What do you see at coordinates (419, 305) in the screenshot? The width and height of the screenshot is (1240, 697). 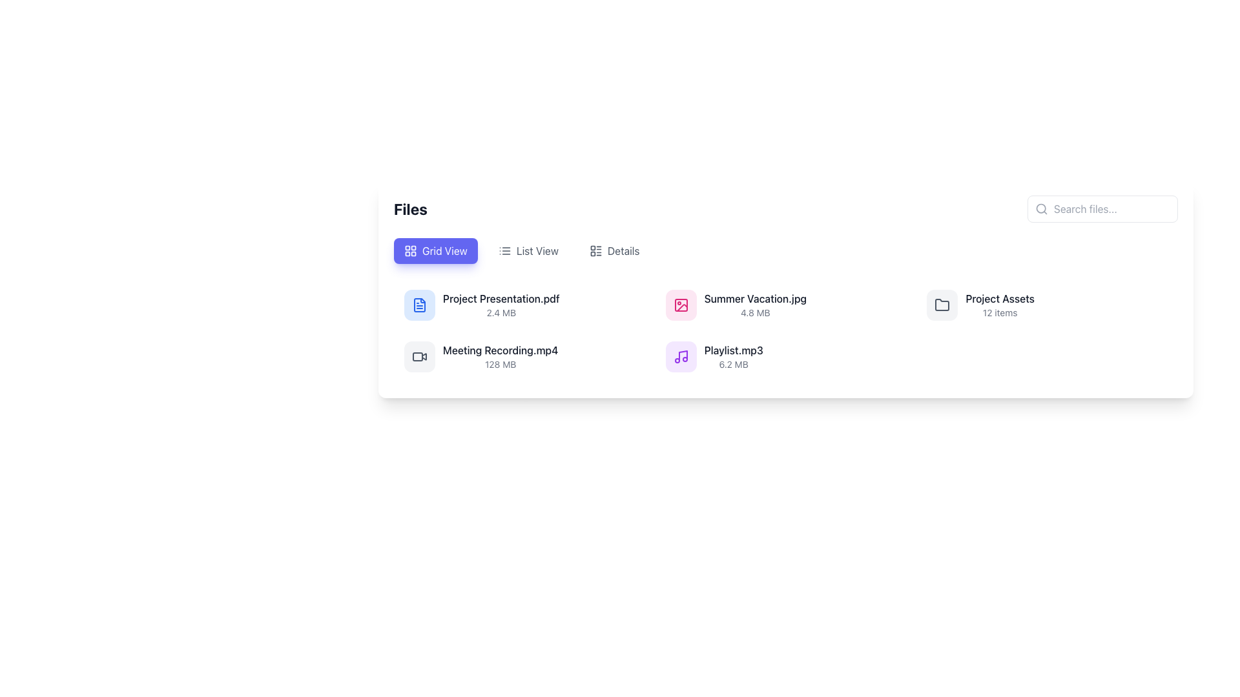 I see `the light blue rounded rectangle icon with a dark blue document and text icon` at bounding box center [419, 305].